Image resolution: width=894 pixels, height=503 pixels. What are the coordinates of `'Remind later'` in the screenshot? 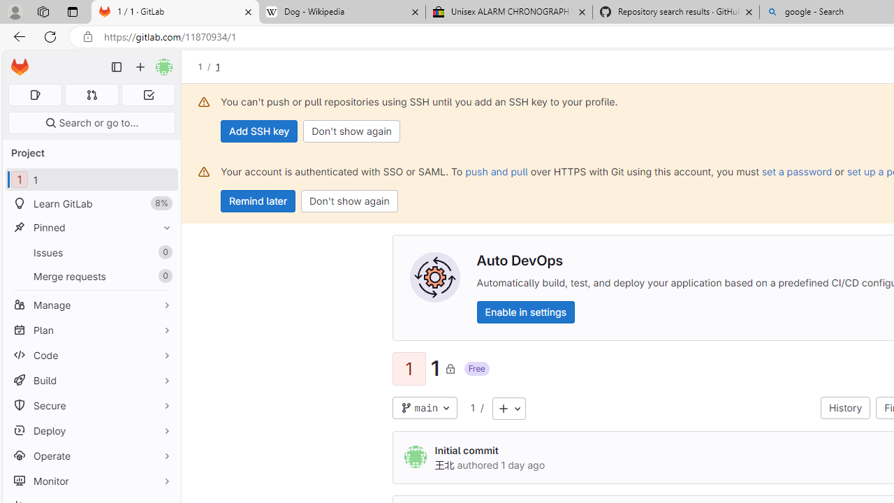 It's located at (258, 201).